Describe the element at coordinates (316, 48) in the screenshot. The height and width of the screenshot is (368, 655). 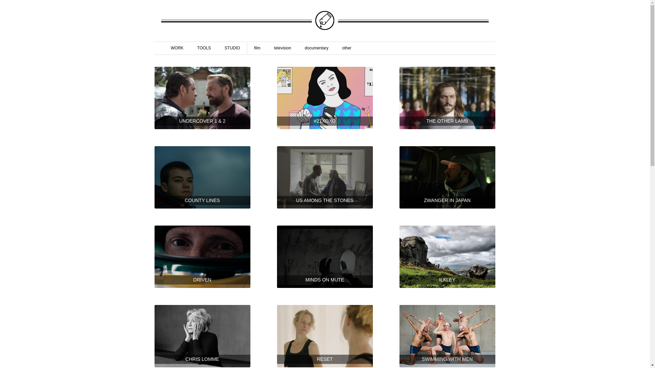
I see `'documentary'` at that location.